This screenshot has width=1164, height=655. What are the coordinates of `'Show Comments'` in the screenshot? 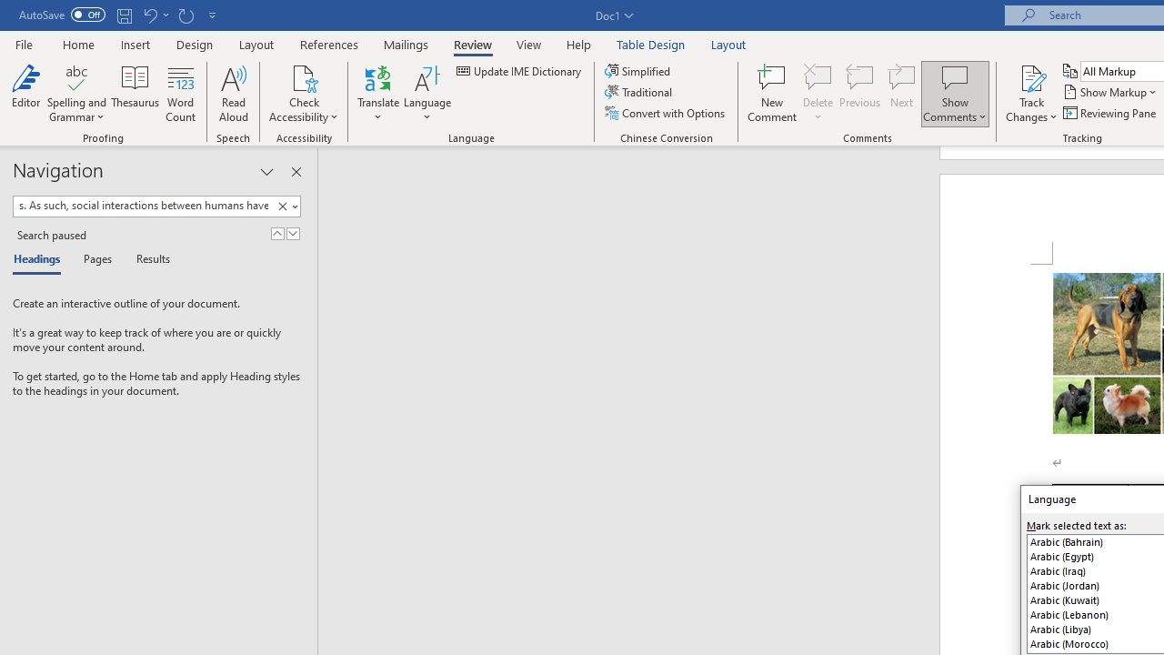 It's located at (954, 76).